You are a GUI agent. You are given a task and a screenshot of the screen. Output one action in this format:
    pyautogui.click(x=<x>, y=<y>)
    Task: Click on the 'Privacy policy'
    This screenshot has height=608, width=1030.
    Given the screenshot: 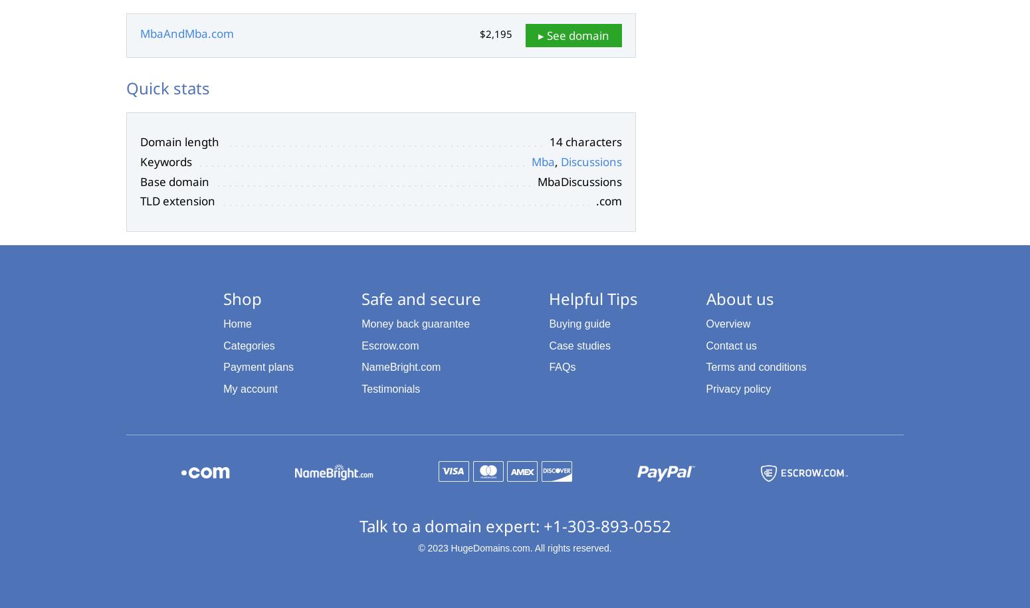 What is the action you would take?
    pyautogui.click(x=738, y=388)
    